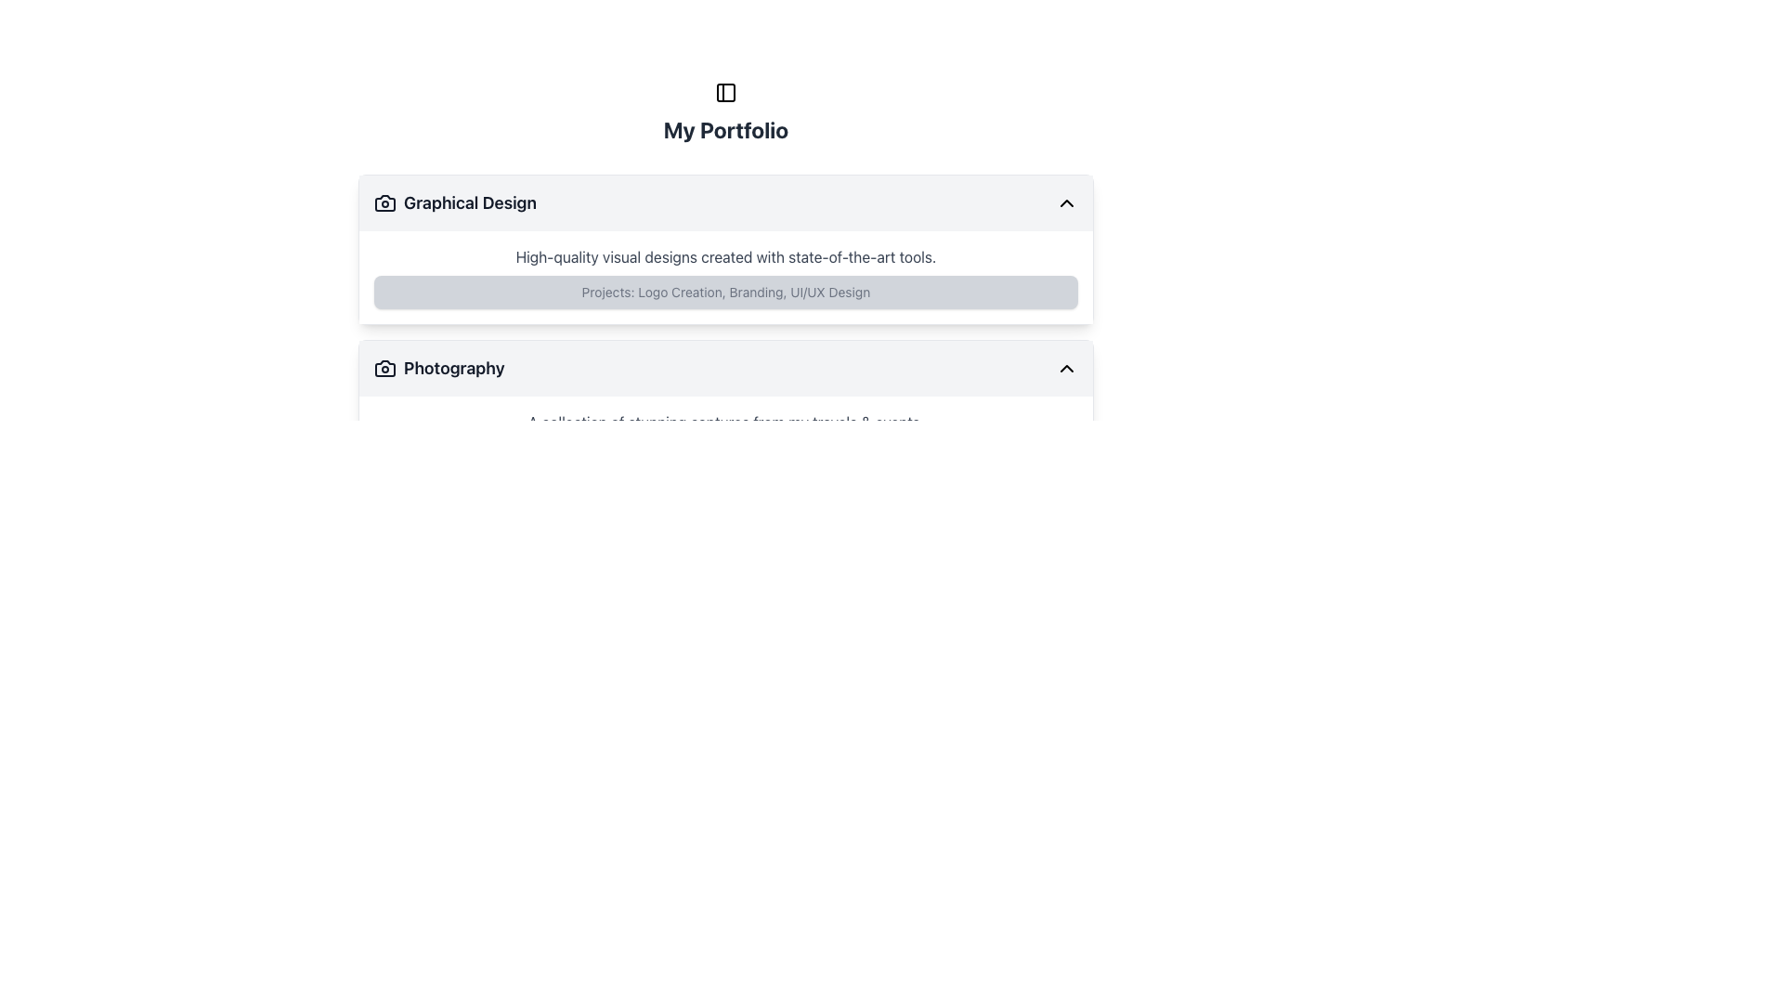 The width and height of the screenshot is (1783, 1003). I want to click on initial descriptive text in the 'Photography' section that states 'A collection of stunning captures from my travels & events.', so click(725, 423).